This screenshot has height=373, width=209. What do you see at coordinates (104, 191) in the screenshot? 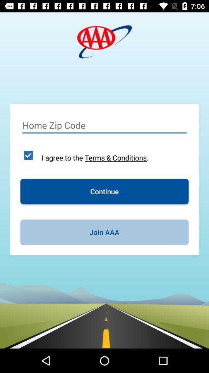
I see `continue item` at bounding box center [104, 191].